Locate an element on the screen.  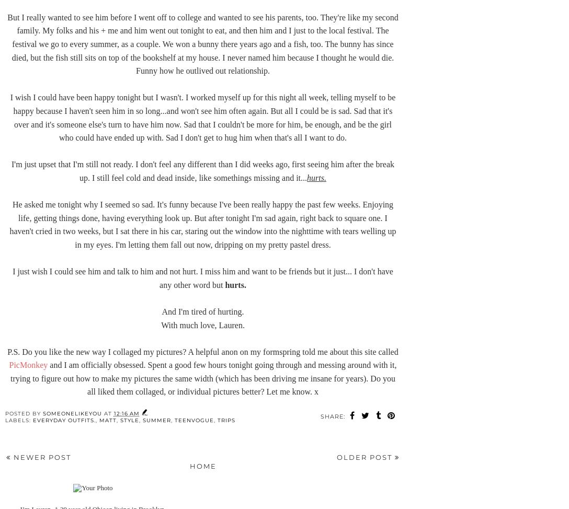
'12:16 AM' is located at coordinates (126, 413).